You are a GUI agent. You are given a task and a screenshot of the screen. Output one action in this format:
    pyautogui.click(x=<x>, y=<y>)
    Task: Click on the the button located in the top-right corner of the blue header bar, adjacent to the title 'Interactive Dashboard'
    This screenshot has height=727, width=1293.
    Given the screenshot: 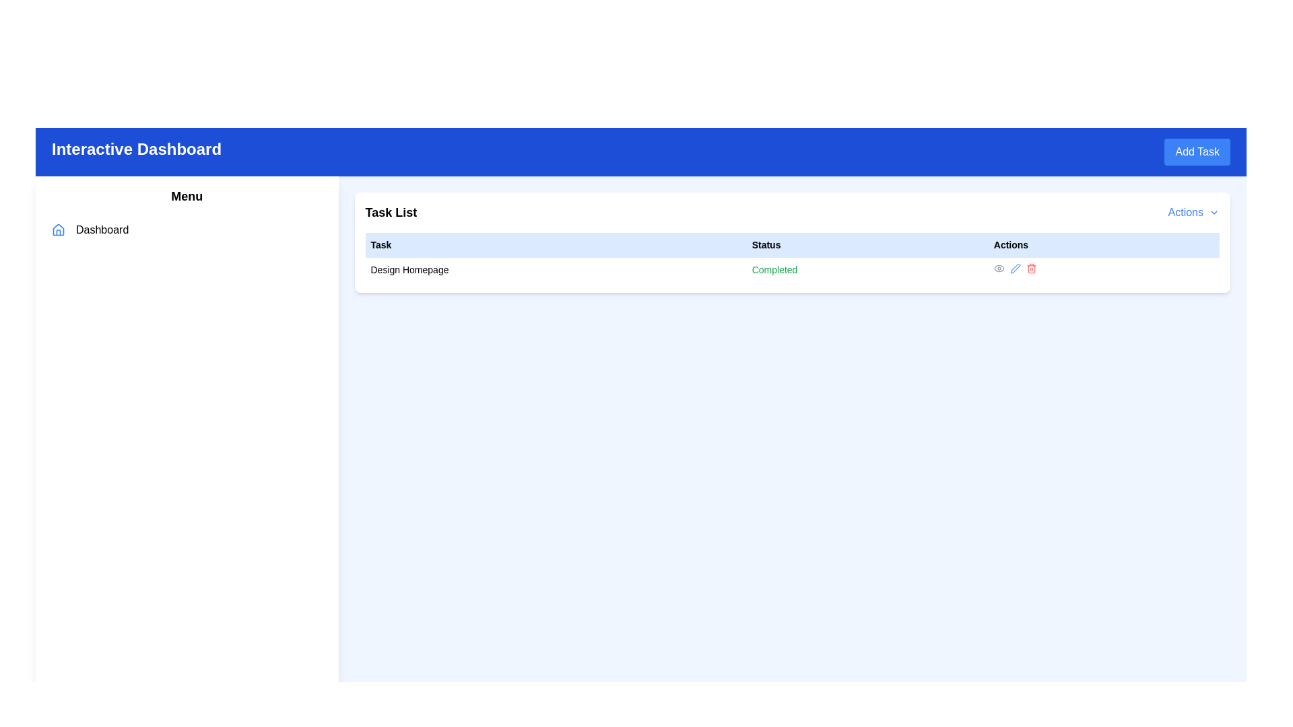 What is the action you would take?
    pyautogui.click(x=1197, y=151)
    